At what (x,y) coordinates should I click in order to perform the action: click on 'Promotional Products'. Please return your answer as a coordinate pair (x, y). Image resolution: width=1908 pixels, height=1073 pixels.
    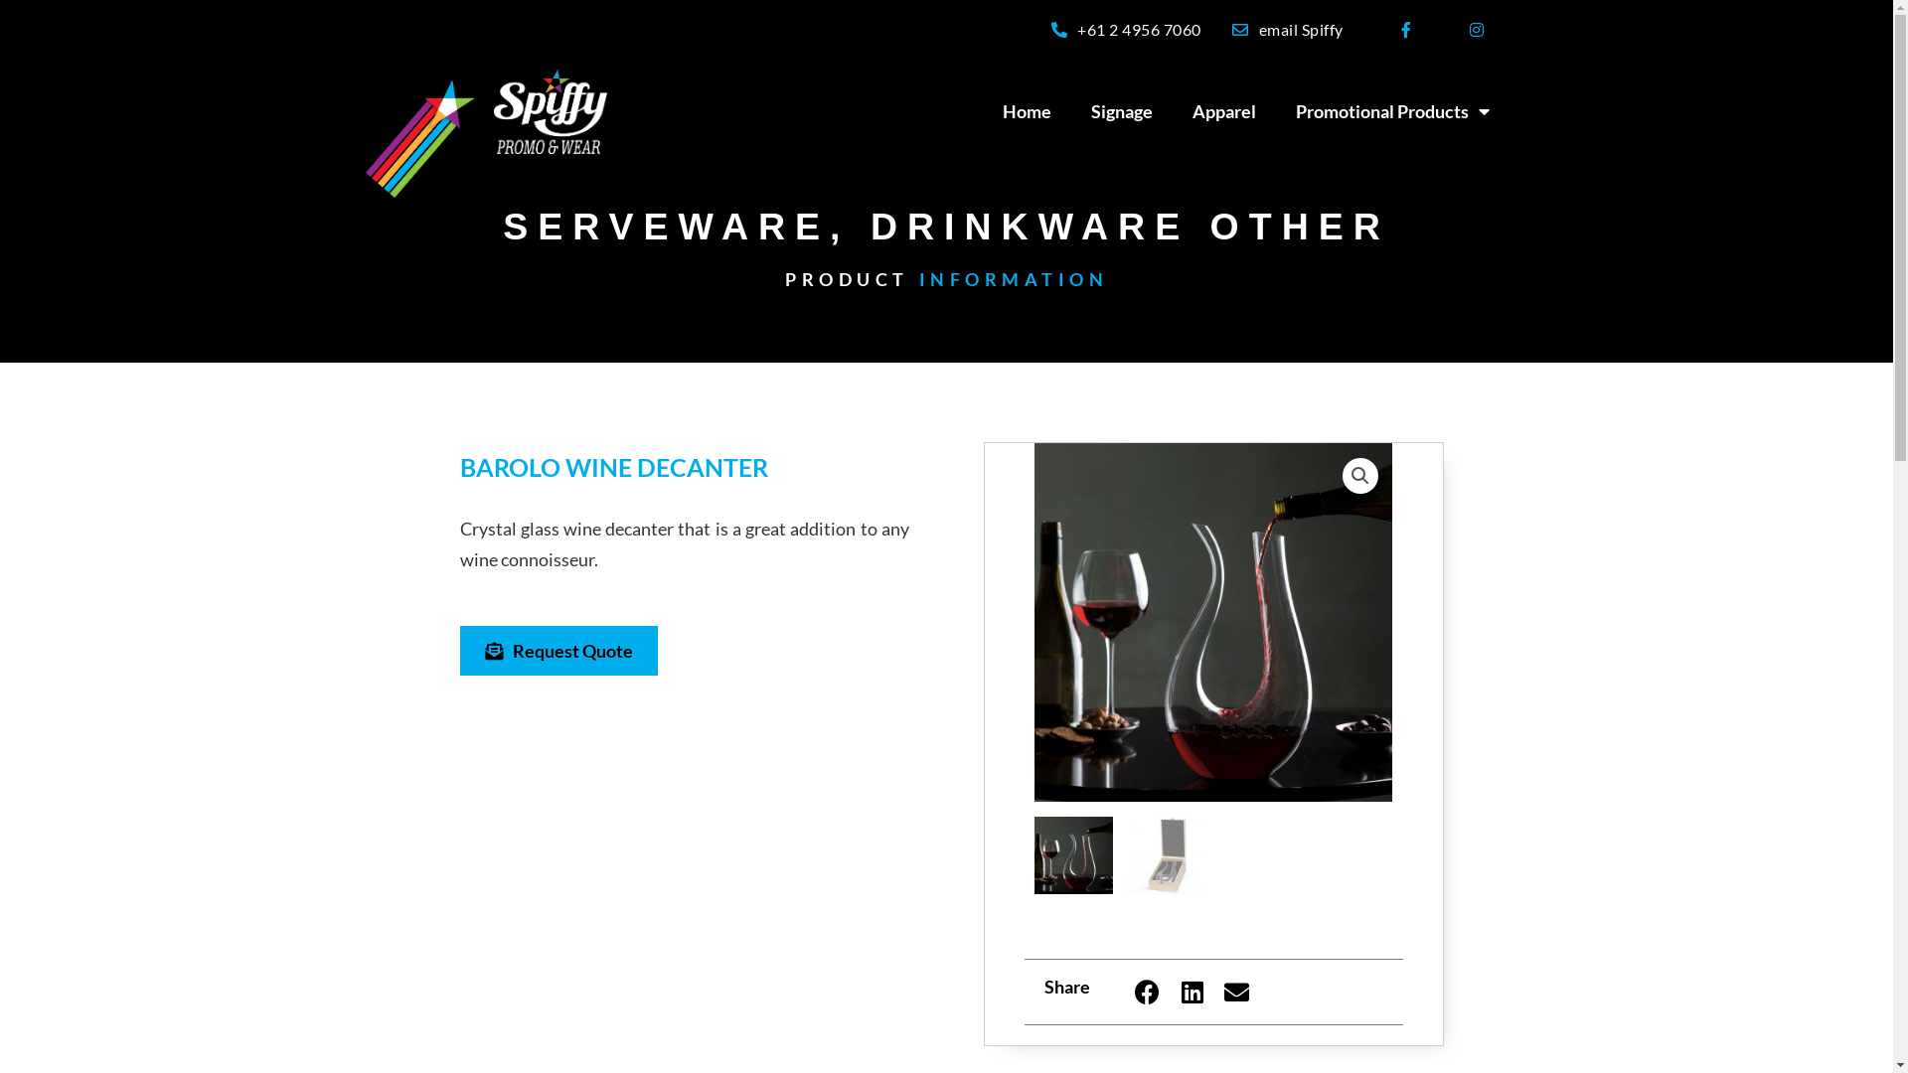
    Looking at the image, I should click on (1391, 110).